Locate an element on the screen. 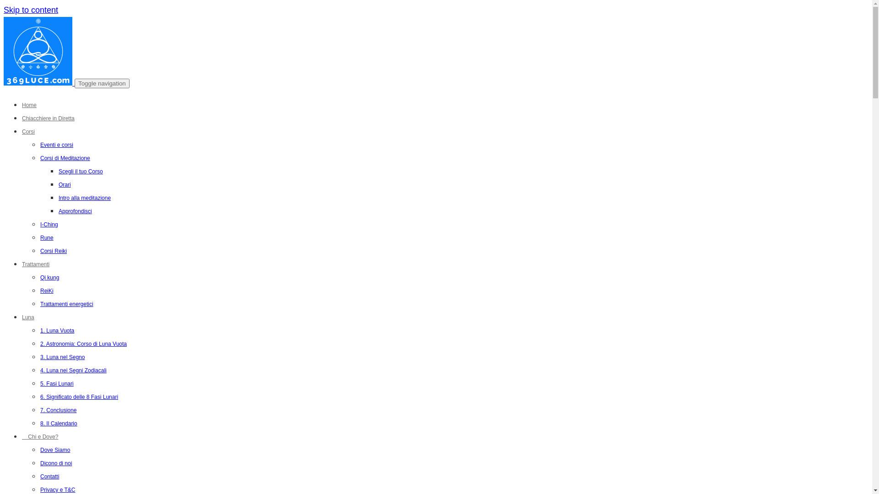 This screenshot has width=879, height=494. '2. Astronomia: Corso di Luna Vuota' is located at coordinates (83, 344).